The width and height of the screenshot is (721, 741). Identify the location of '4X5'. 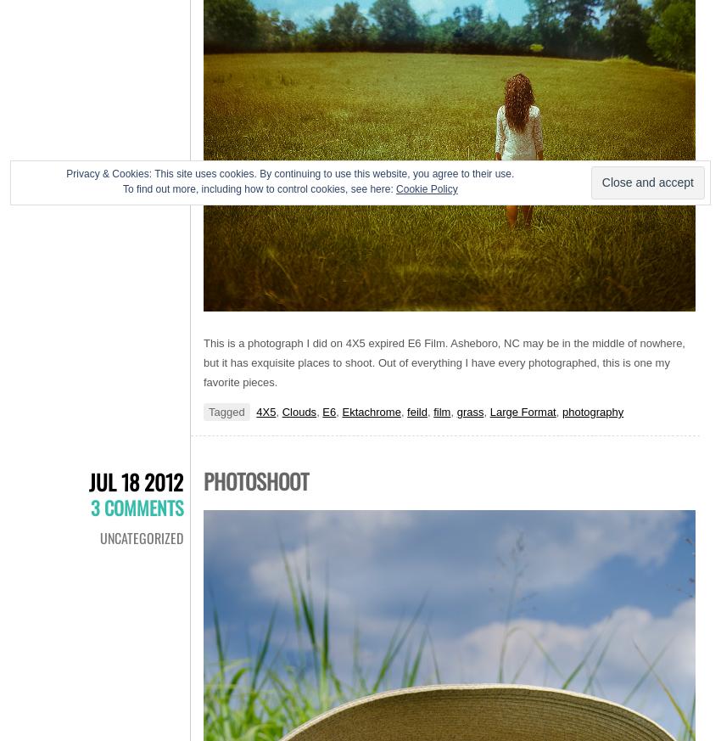
(265, 412).